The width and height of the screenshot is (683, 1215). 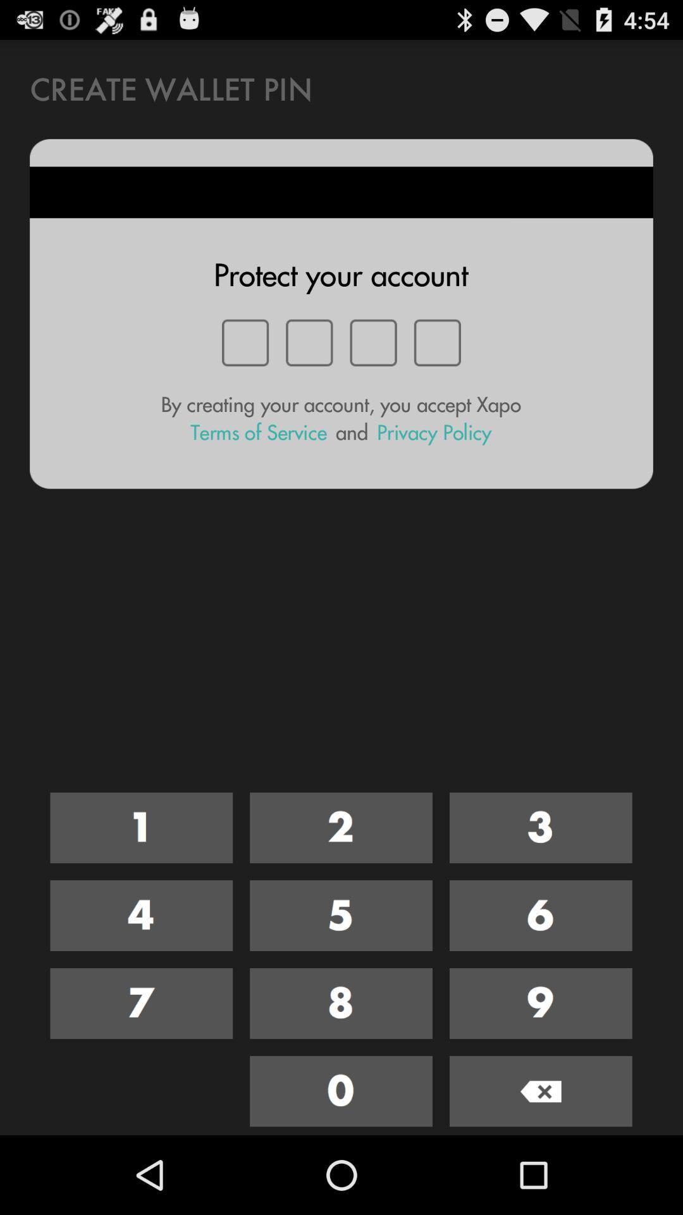 What do you see at coordinates (541, 916) in the screenshot?
I see `press number 6` at bounding box center [541, 916].